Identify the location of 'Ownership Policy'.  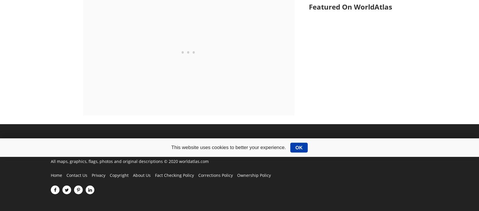
(254, 175).